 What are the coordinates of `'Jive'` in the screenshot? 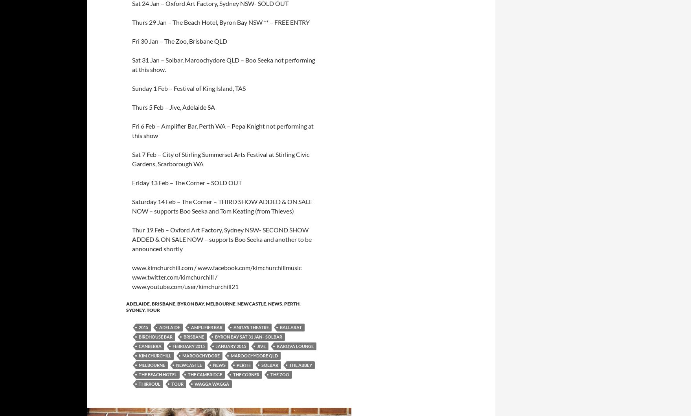 It's located at (261, 346).